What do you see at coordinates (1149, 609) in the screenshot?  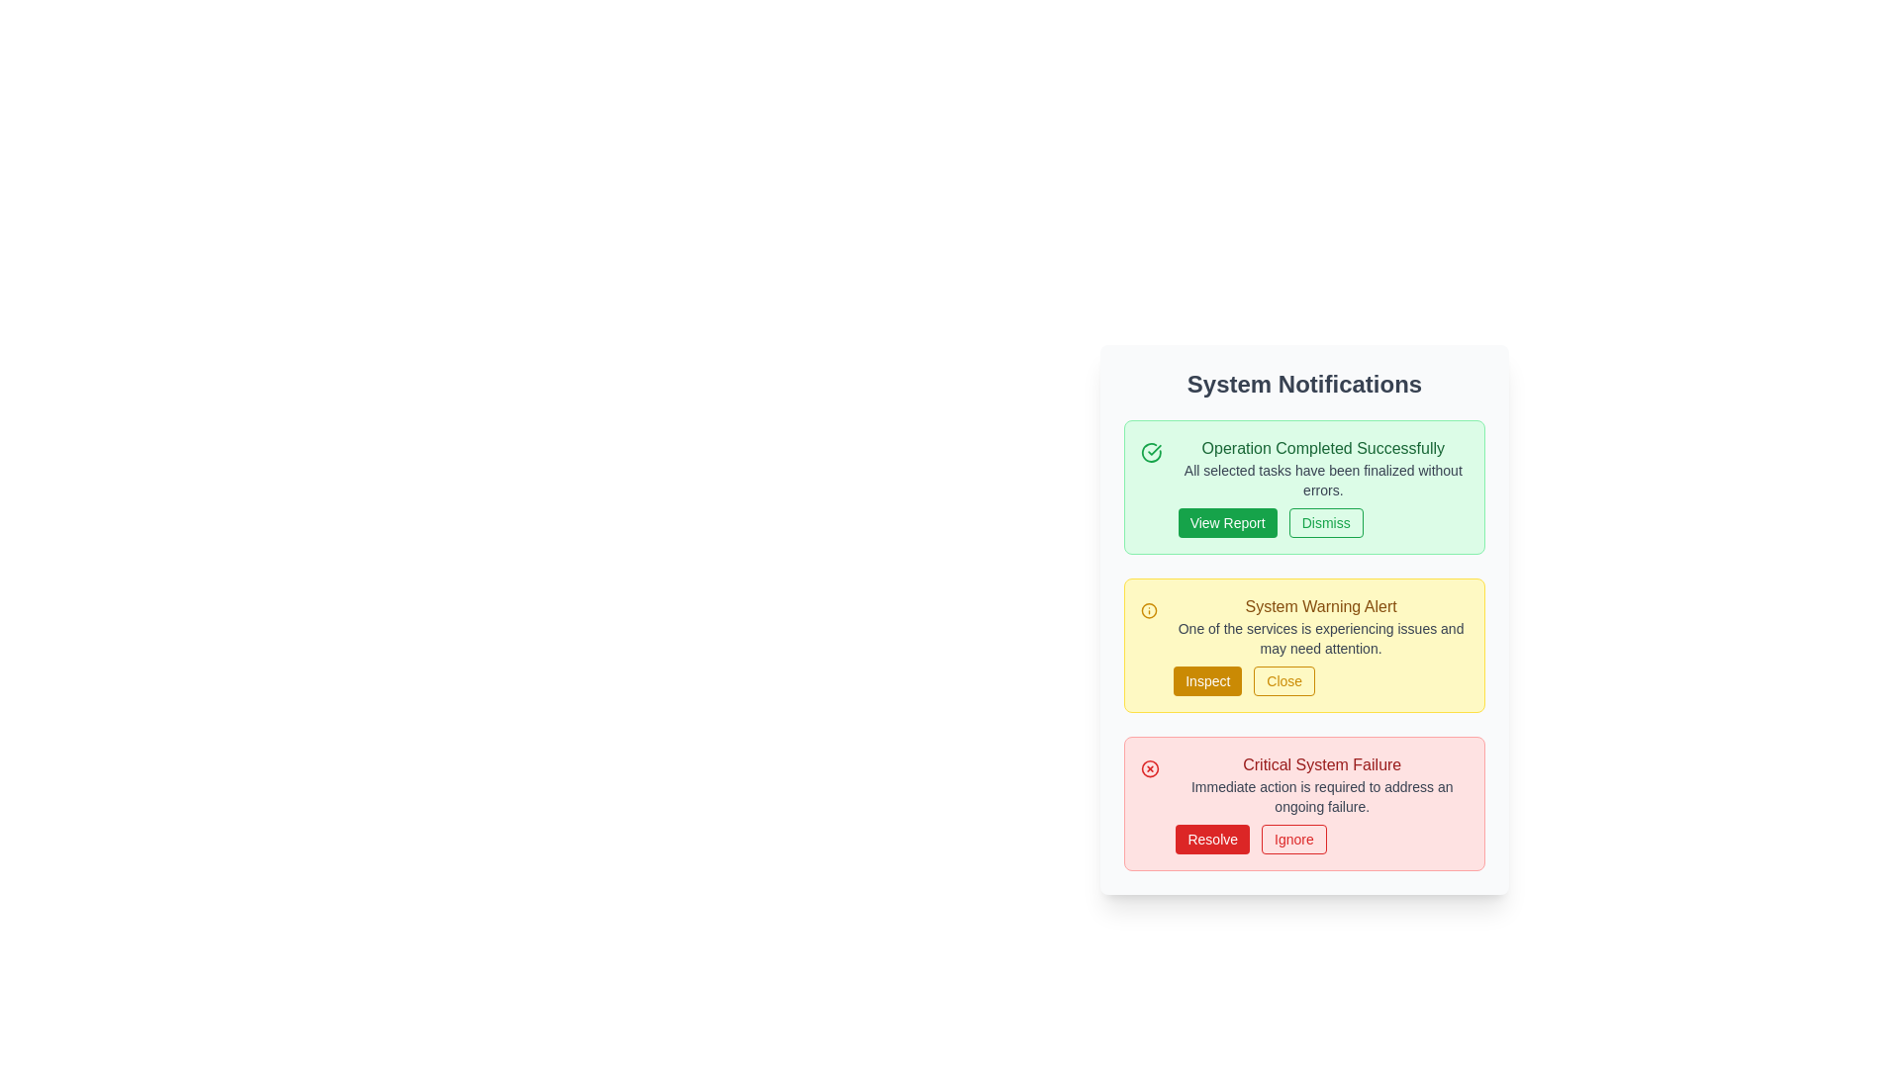 I see `the central circle of the yellow warning icon in the 'System Warning Alert' card, which is located directly above its text content` at bounding box center [1149, 609].